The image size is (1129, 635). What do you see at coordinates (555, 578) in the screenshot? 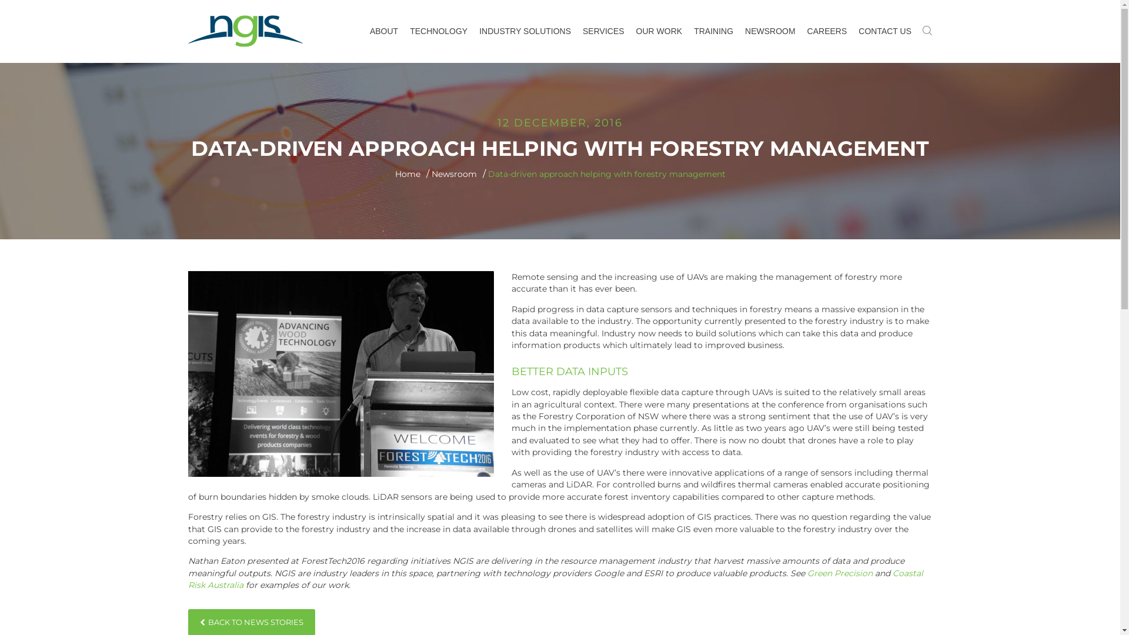
I see `'Coastal Risk Australia'` at bounding box center [555, 578].